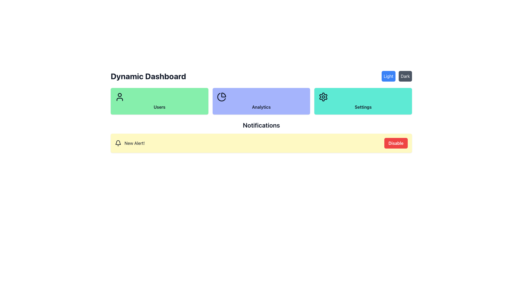  What do you see at coordinates (323, 97) in the screenshot?
I see `the gear icon located at the far right of the utility buttons row` at bounding box center [323, 97].